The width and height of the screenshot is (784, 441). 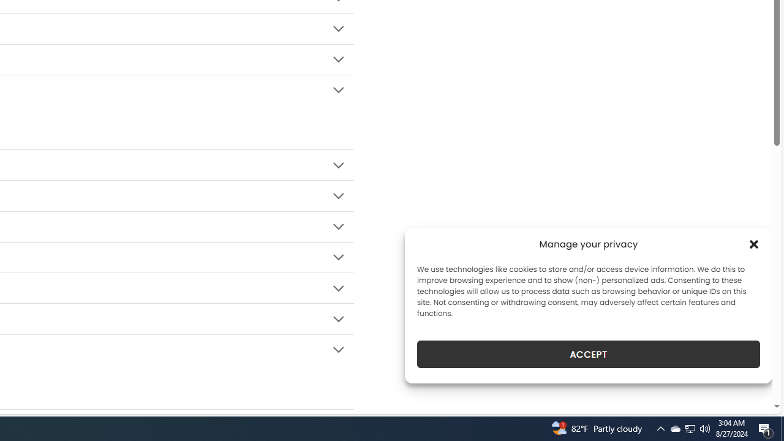 I want to click on 'Class: cmplz-close', so click(x=753, y=244).